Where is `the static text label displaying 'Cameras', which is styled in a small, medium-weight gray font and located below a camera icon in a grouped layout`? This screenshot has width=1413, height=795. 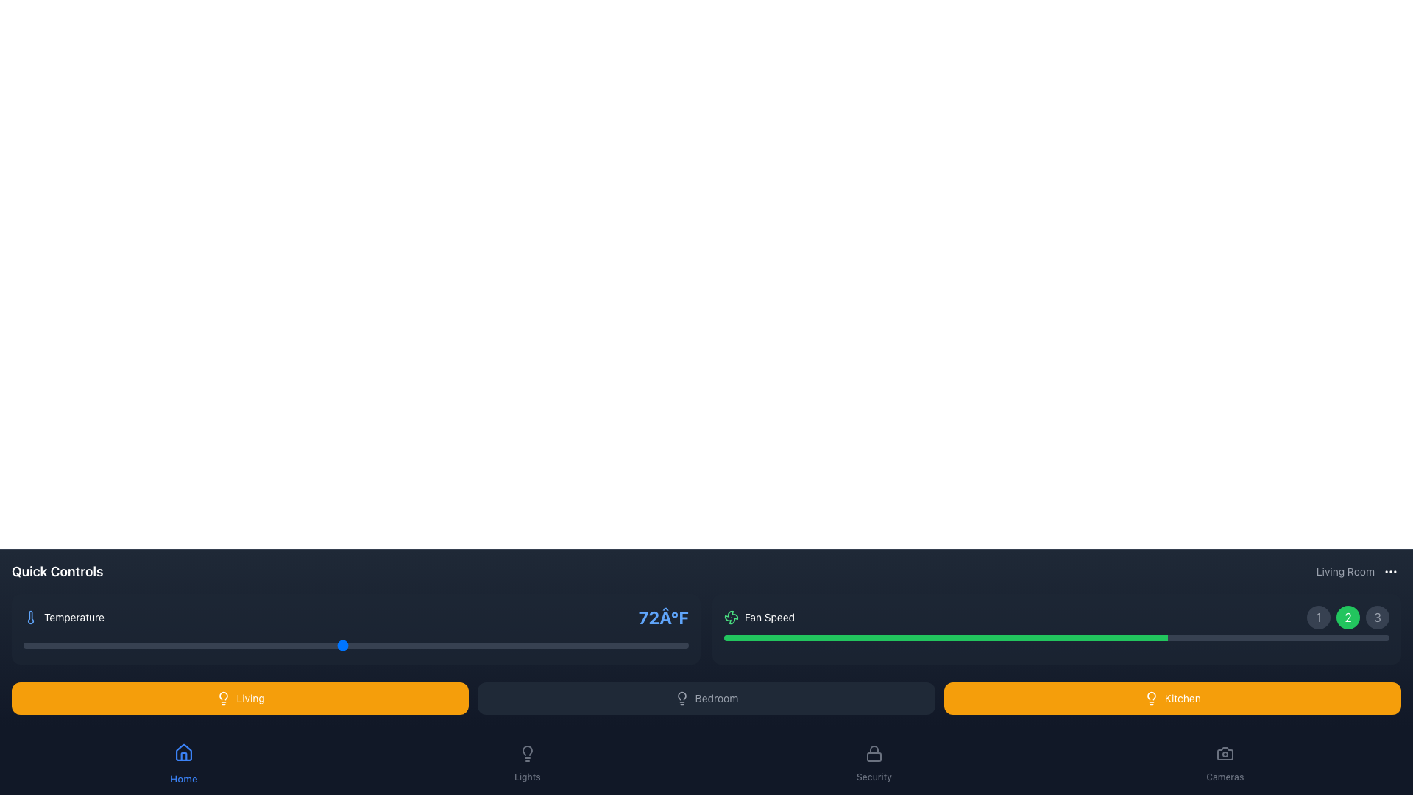 the static text label displaying 'Cameras', which is styled in a small, medium-weight gray font and located below a camera icon in a grouped layout is located at coordinates (1225, 777).